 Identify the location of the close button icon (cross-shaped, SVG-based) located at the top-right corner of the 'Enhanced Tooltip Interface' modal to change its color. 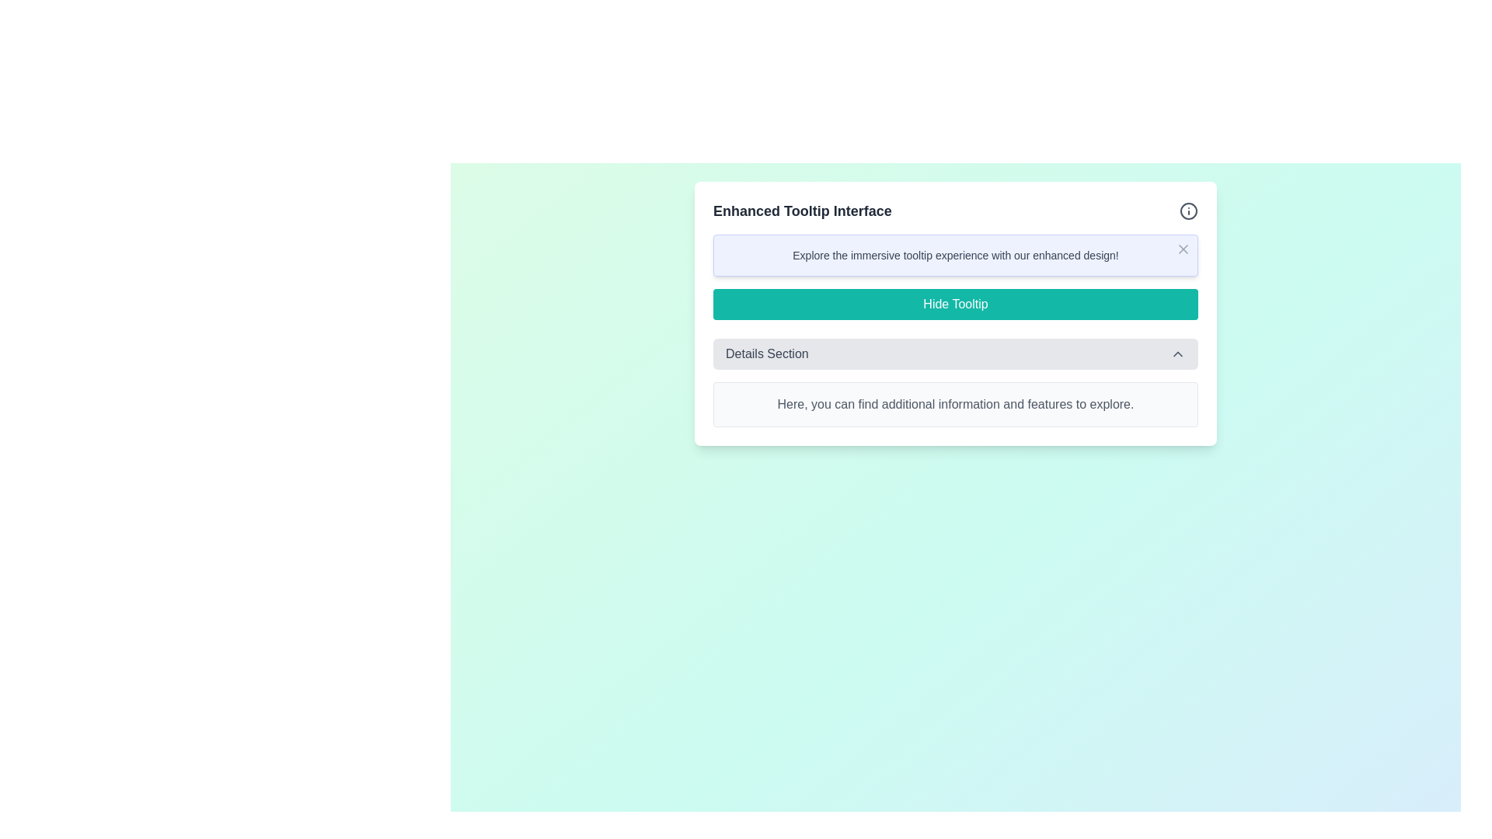
(1182, 248).